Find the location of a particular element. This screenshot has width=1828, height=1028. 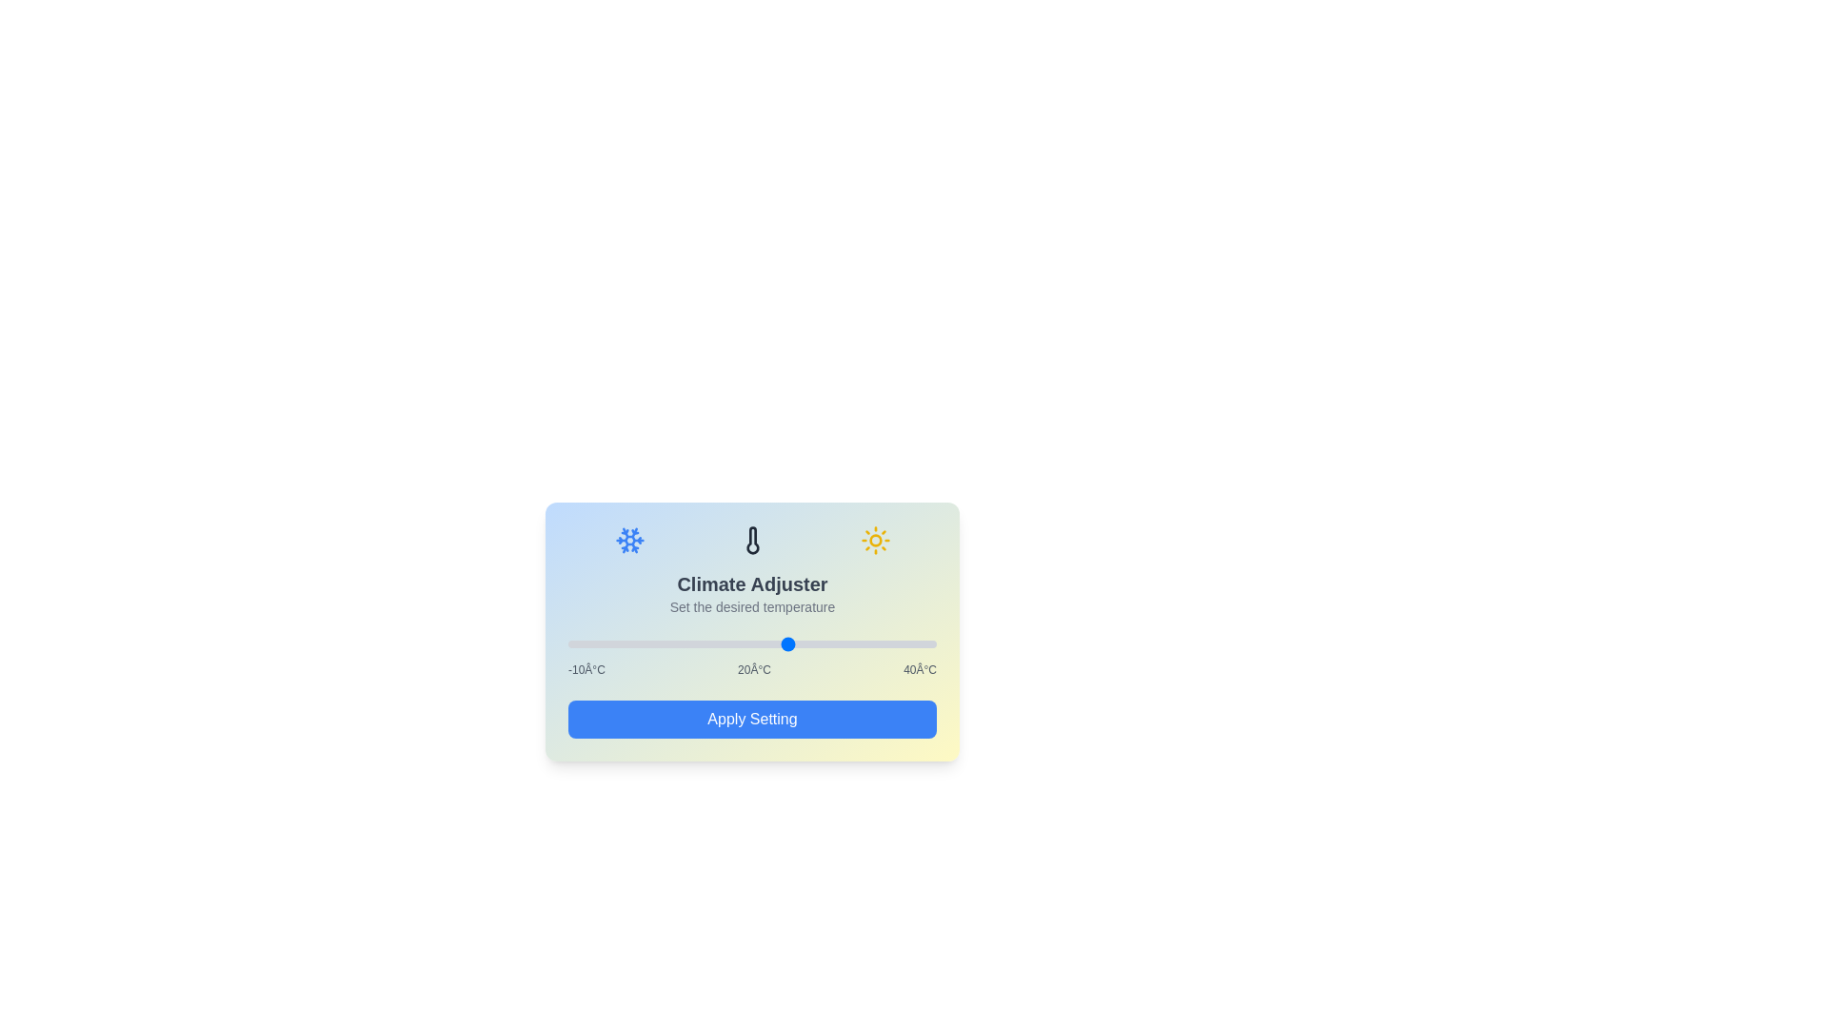

the 'Apply Setting' button to confirm the temperature is located at coordinates (751, 720).